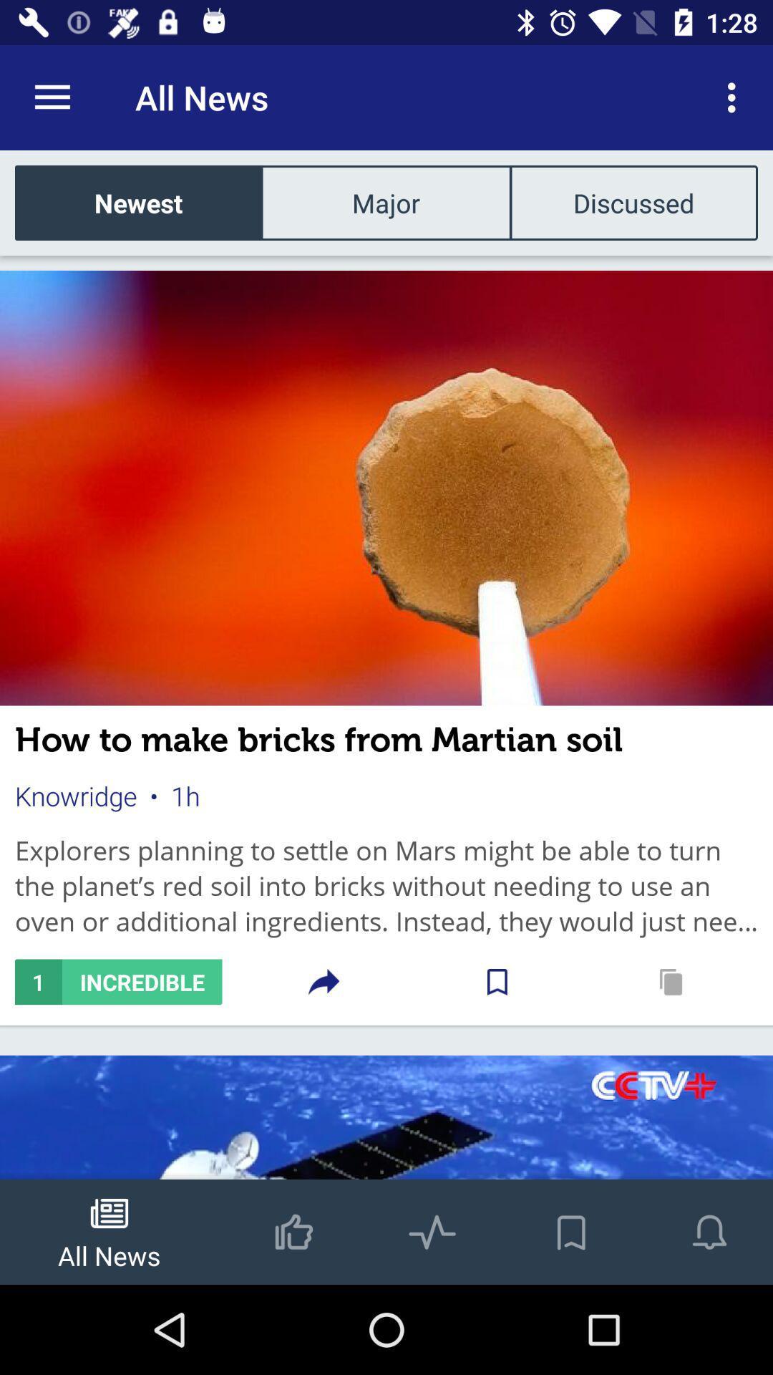  What do you see at coordinates (633, 202) in the screenshot?
I see `the item next to the major` at bounding box center [633, 202].